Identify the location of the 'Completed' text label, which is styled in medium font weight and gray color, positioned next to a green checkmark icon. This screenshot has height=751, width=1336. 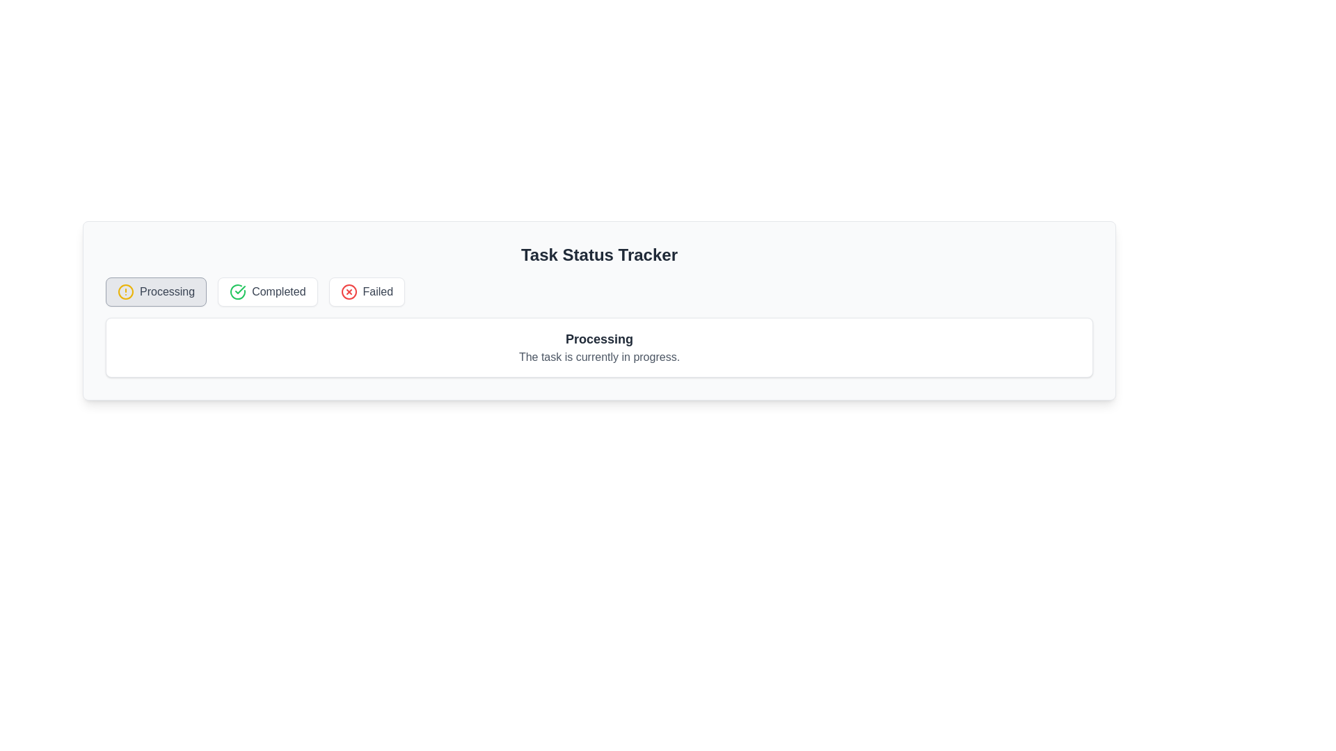
(278, 291).